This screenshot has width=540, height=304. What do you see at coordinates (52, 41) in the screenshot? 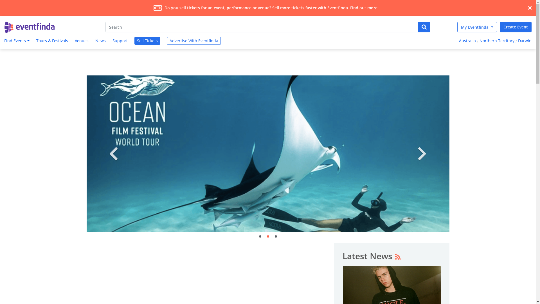
I see `'Tours & Festivals'` at bounding box center [52, 41].